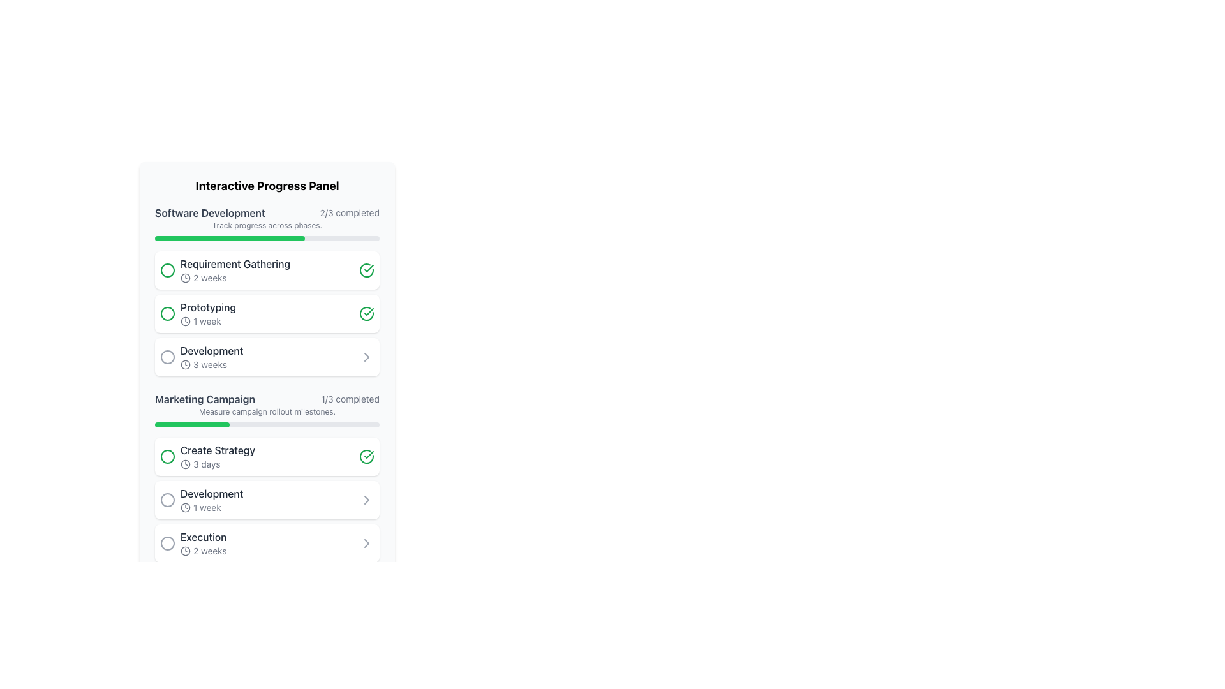 This screenshot has height=689, width=1225. I want to click on the text label element labeled 'Execution' within the 'Marketing Campaign' section to identify the task or phase, so click(203, 537).